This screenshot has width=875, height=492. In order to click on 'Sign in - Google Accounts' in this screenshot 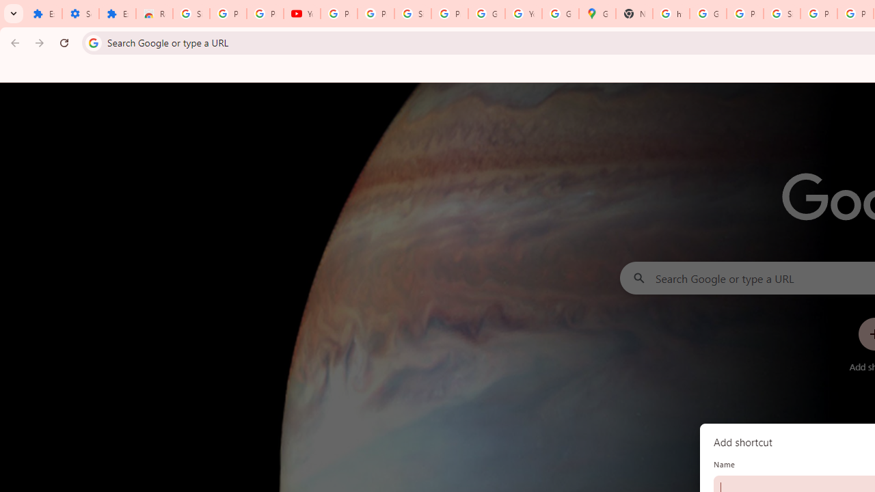, I will do `click(412, 14)`.